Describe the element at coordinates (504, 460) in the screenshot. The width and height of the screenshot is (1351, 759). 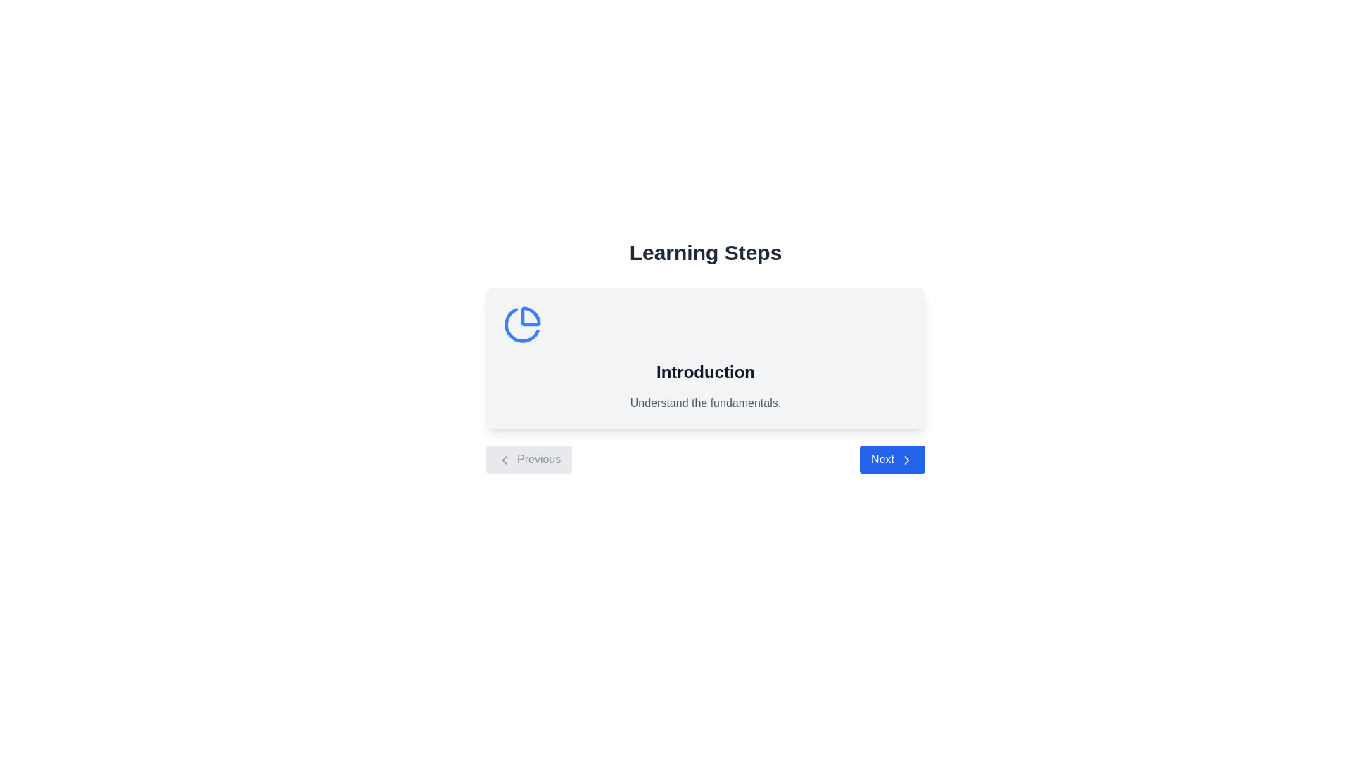
I see `the left-pointing chevron icon which serves as a visual indicator for backward navigation, located near the 'Previous' button in the bottom-left corner of the navigation bar` at that location.